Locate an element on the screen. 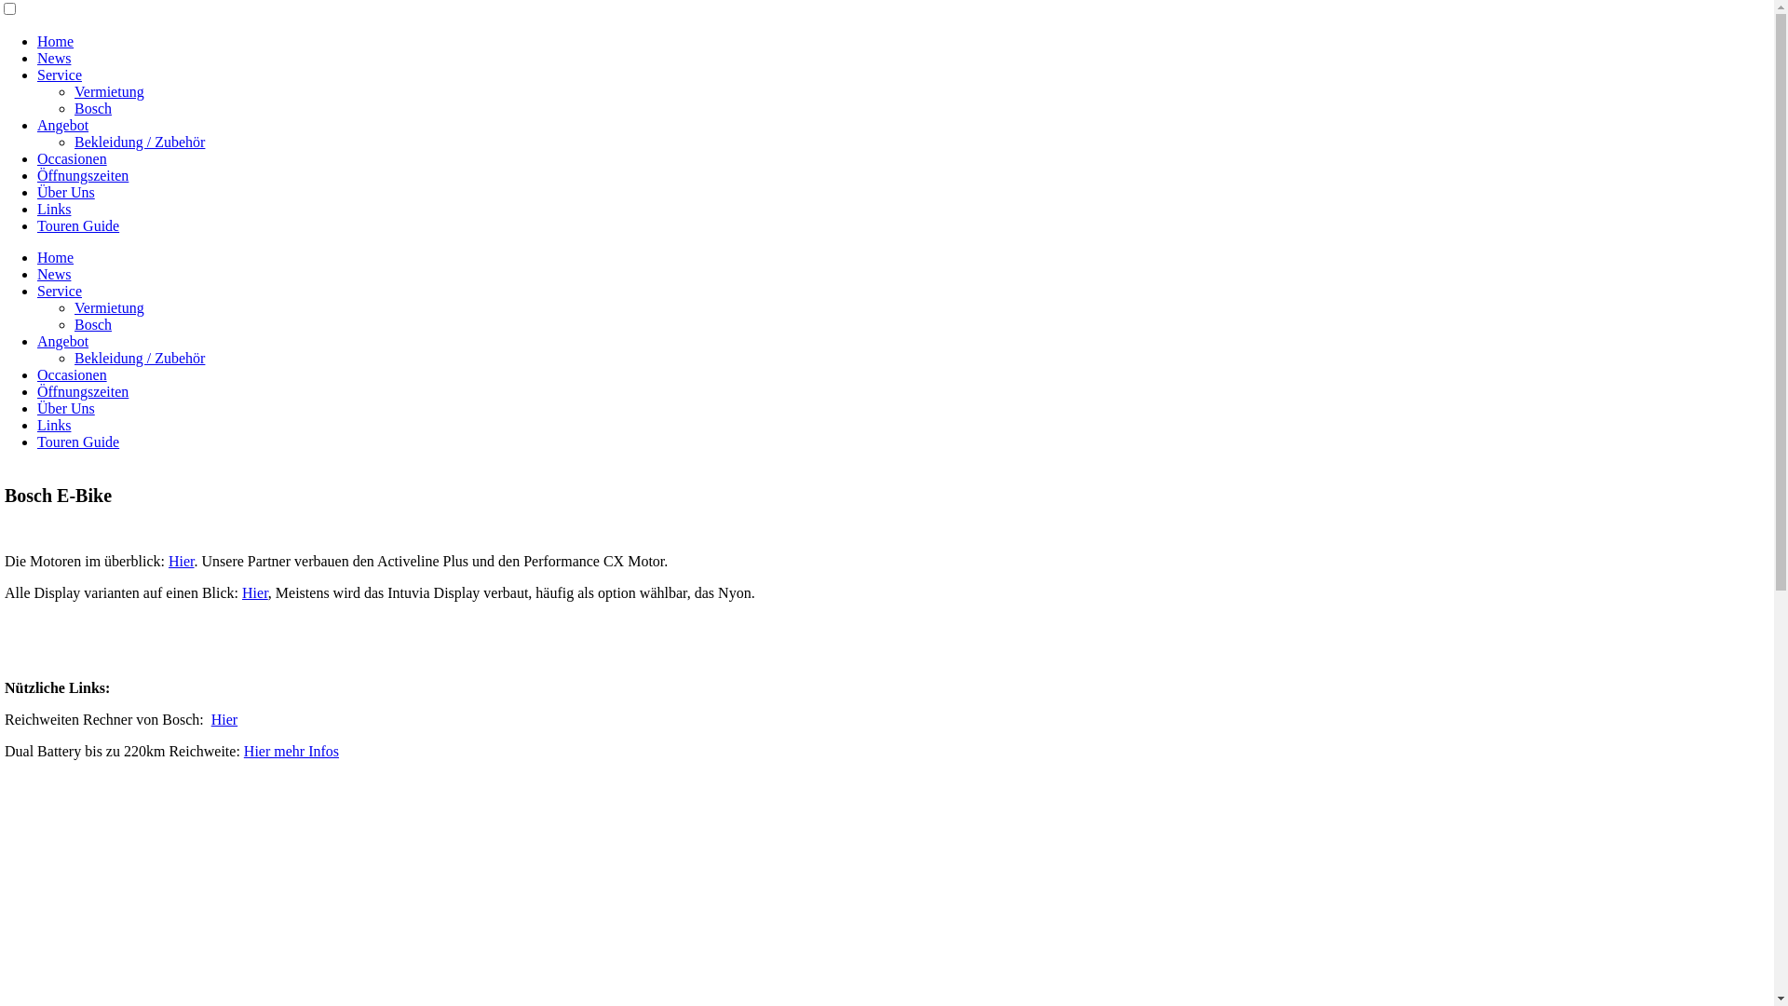  'Hier' is located at coordinates (210, 718).